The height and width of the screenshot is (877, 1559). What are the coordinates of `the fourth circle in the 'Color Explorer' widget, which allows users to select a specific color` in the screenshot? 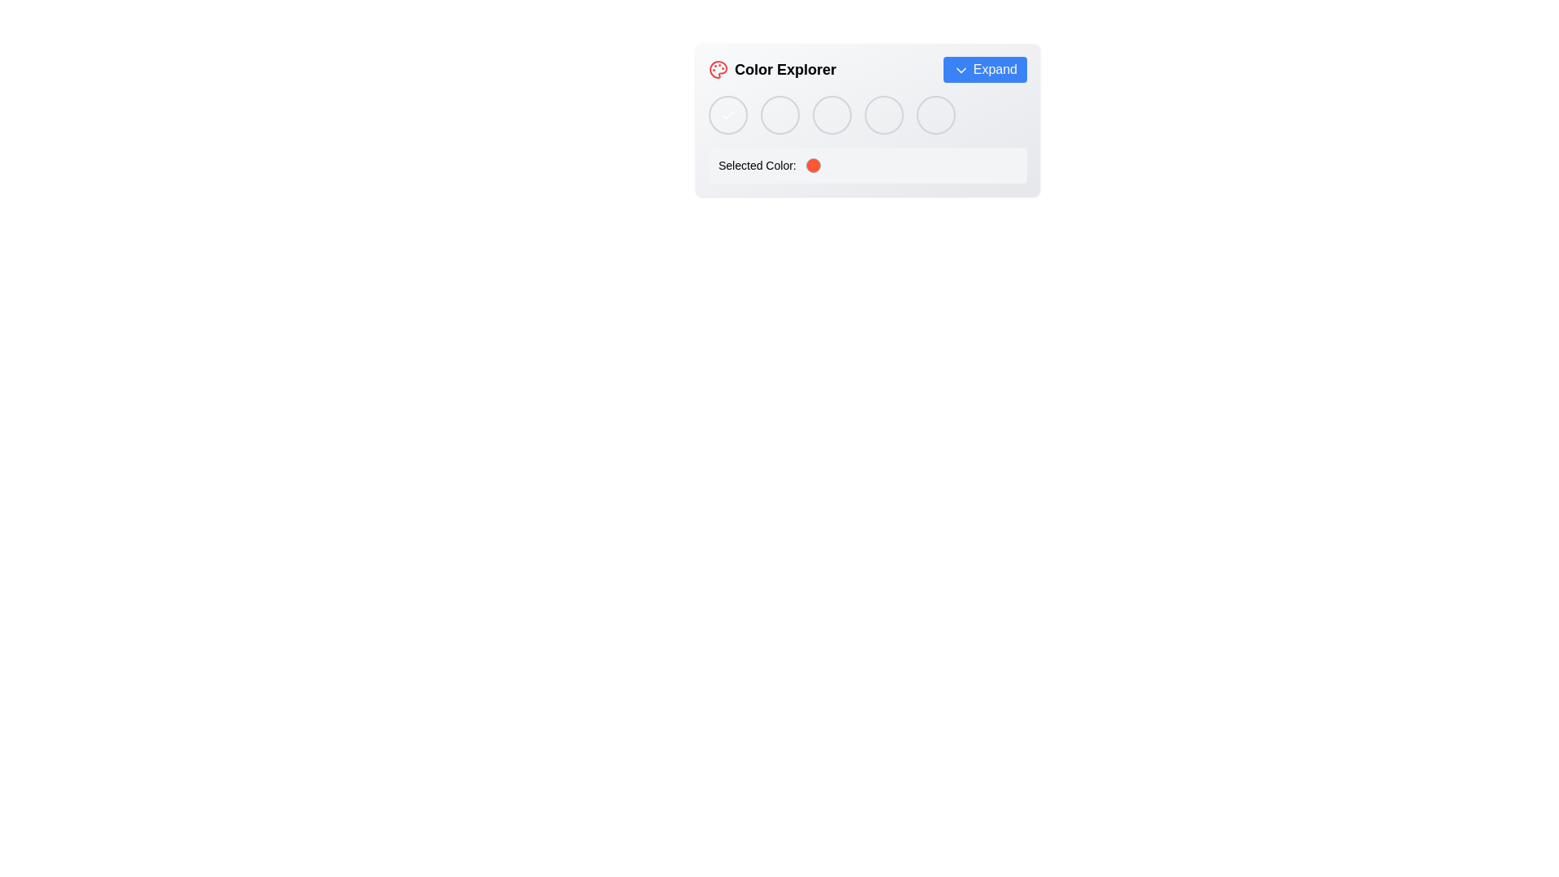 It's located at (867, 114).